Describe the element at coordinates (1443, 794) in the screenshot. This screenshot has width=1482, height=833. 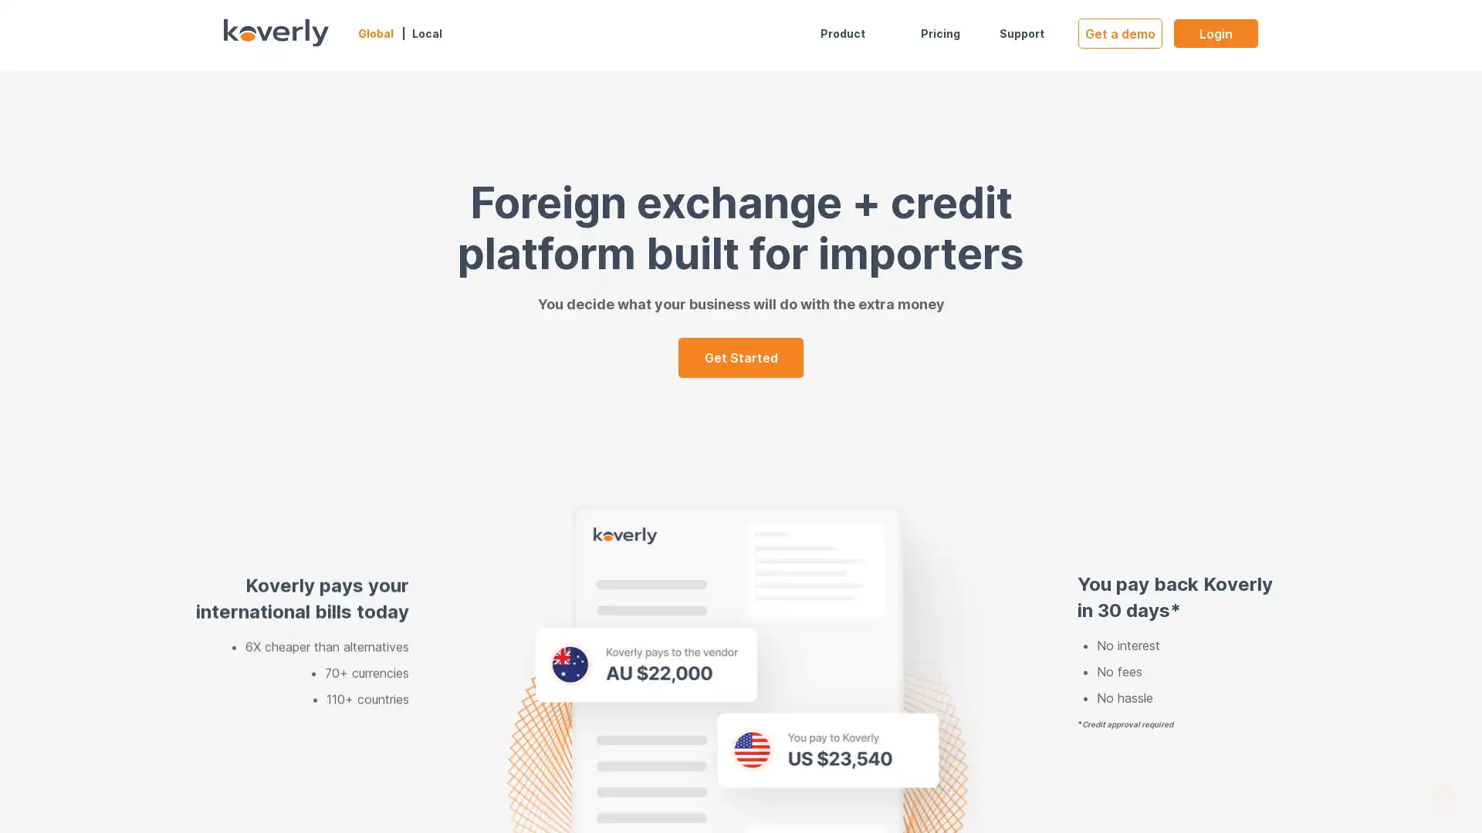
I see `Open Intercom Messenger` at that location.